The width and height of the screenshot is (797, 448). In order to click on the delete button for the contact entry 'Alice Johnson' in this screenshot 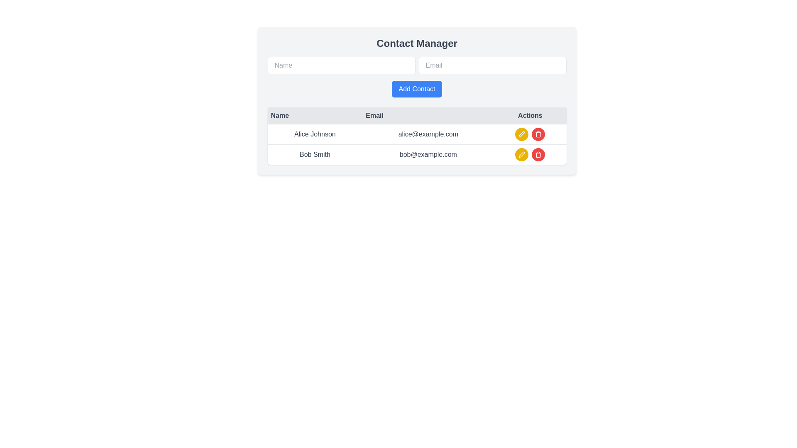, I will do `click(538, 134)`.